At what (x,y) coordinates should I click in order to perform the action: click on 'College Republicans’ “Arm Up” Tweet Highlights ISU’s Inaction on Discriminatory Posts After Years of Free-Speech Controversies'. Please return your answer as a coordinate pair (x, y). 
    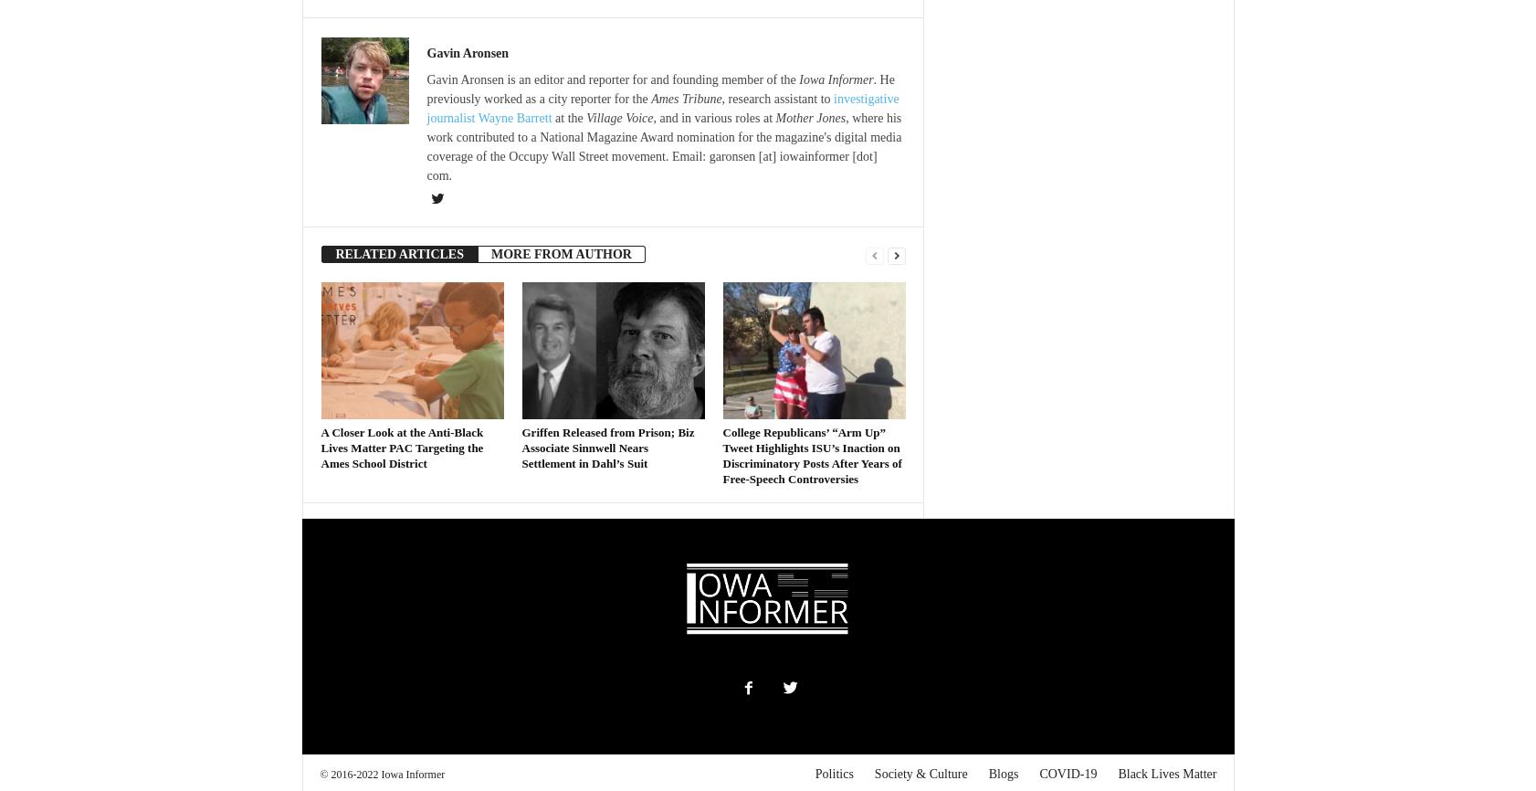
    Looking at the image, I should click on (810, 455).